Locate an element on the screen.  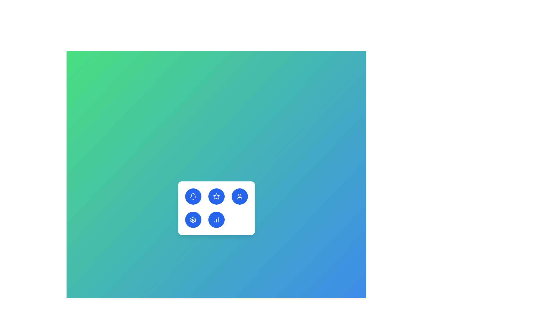
the bell icon located in the upper-left corner of the grid layout within the white card component is located at coordinates (193, 196).